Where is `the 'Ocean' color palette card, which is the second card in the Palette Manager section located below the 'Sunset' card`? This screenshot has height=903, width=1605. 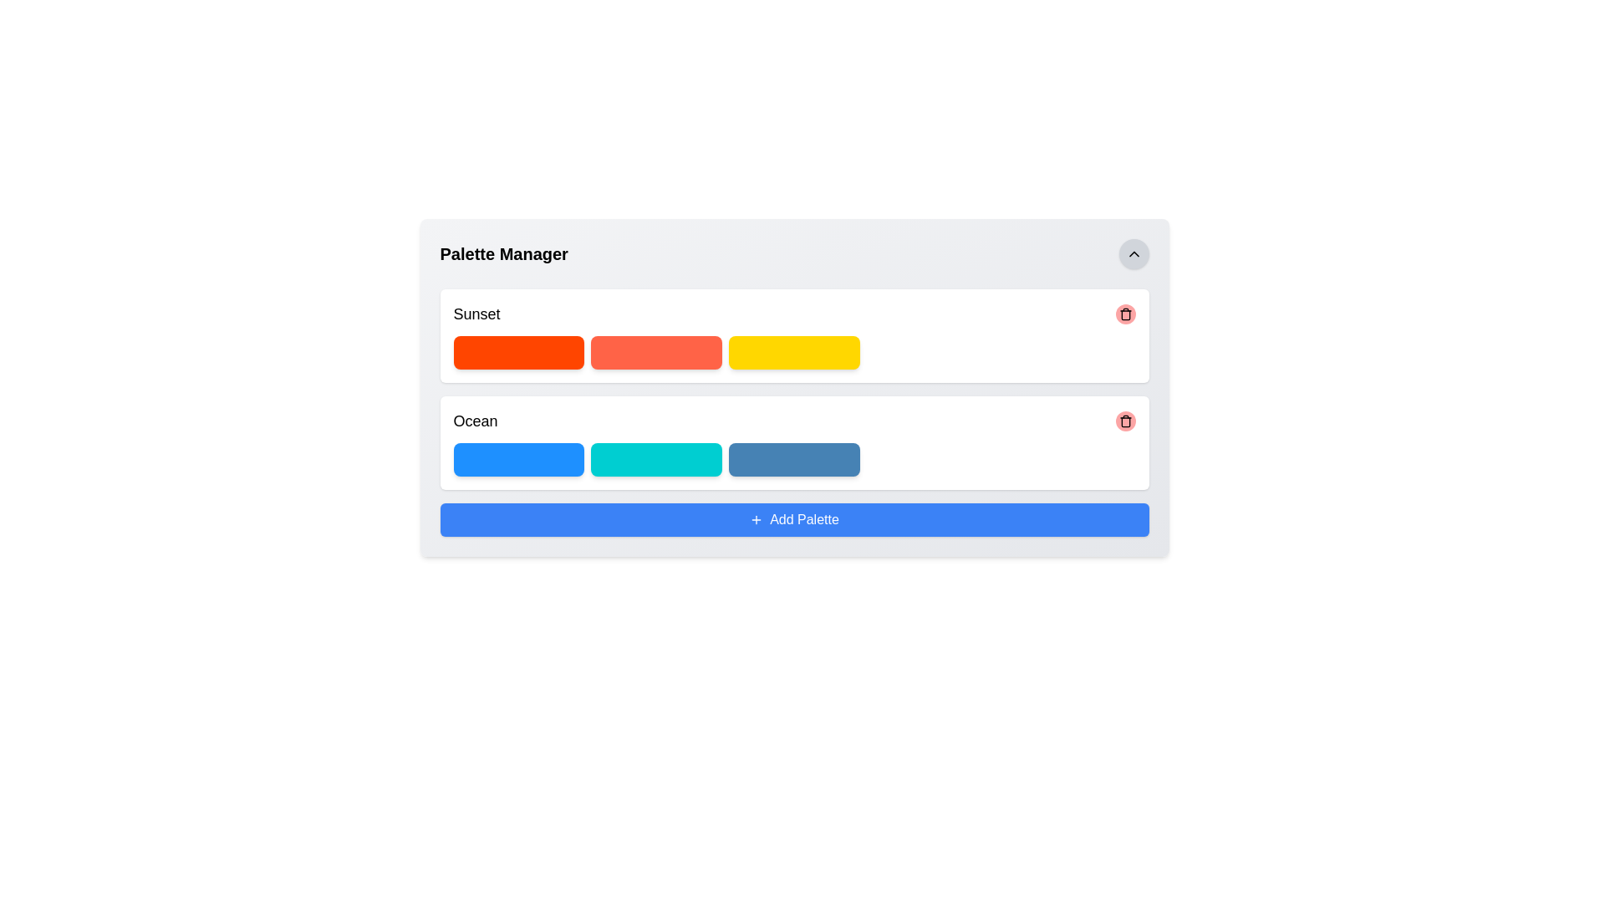 the 'Ocean' color palette card, which is the second card in the Palette Manager section located below the 'Sunset' card is located at coordinates (793, 441).